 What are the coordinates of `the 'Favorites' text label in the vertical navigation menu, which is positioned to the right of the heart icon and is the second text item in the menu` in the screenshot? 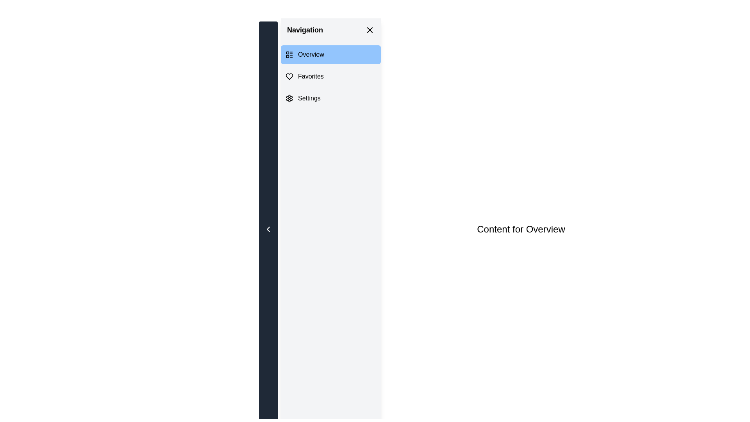 It's located at (310, 77).